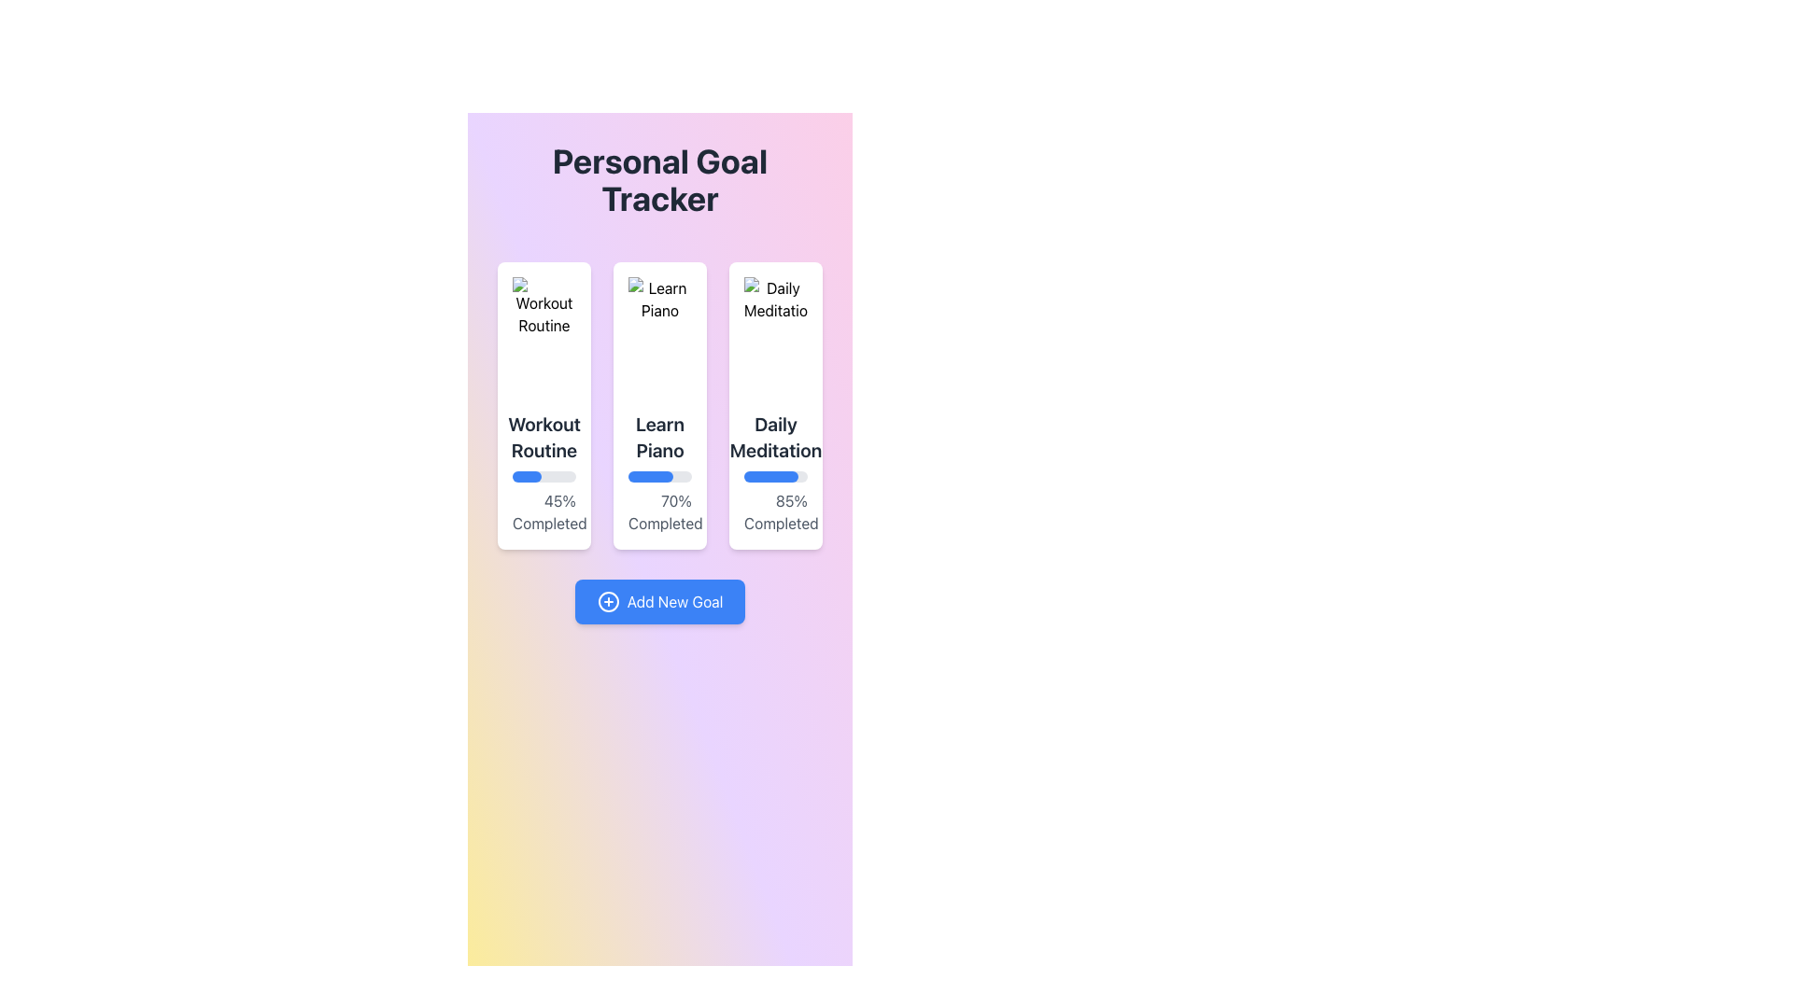 This screenshot has width=1793, height=1008. Describe the element at coordinates (775, 337) in the screenshot. I see `the non-interactive image representing 'Daily Meditation' located at the top of the card` at that location.